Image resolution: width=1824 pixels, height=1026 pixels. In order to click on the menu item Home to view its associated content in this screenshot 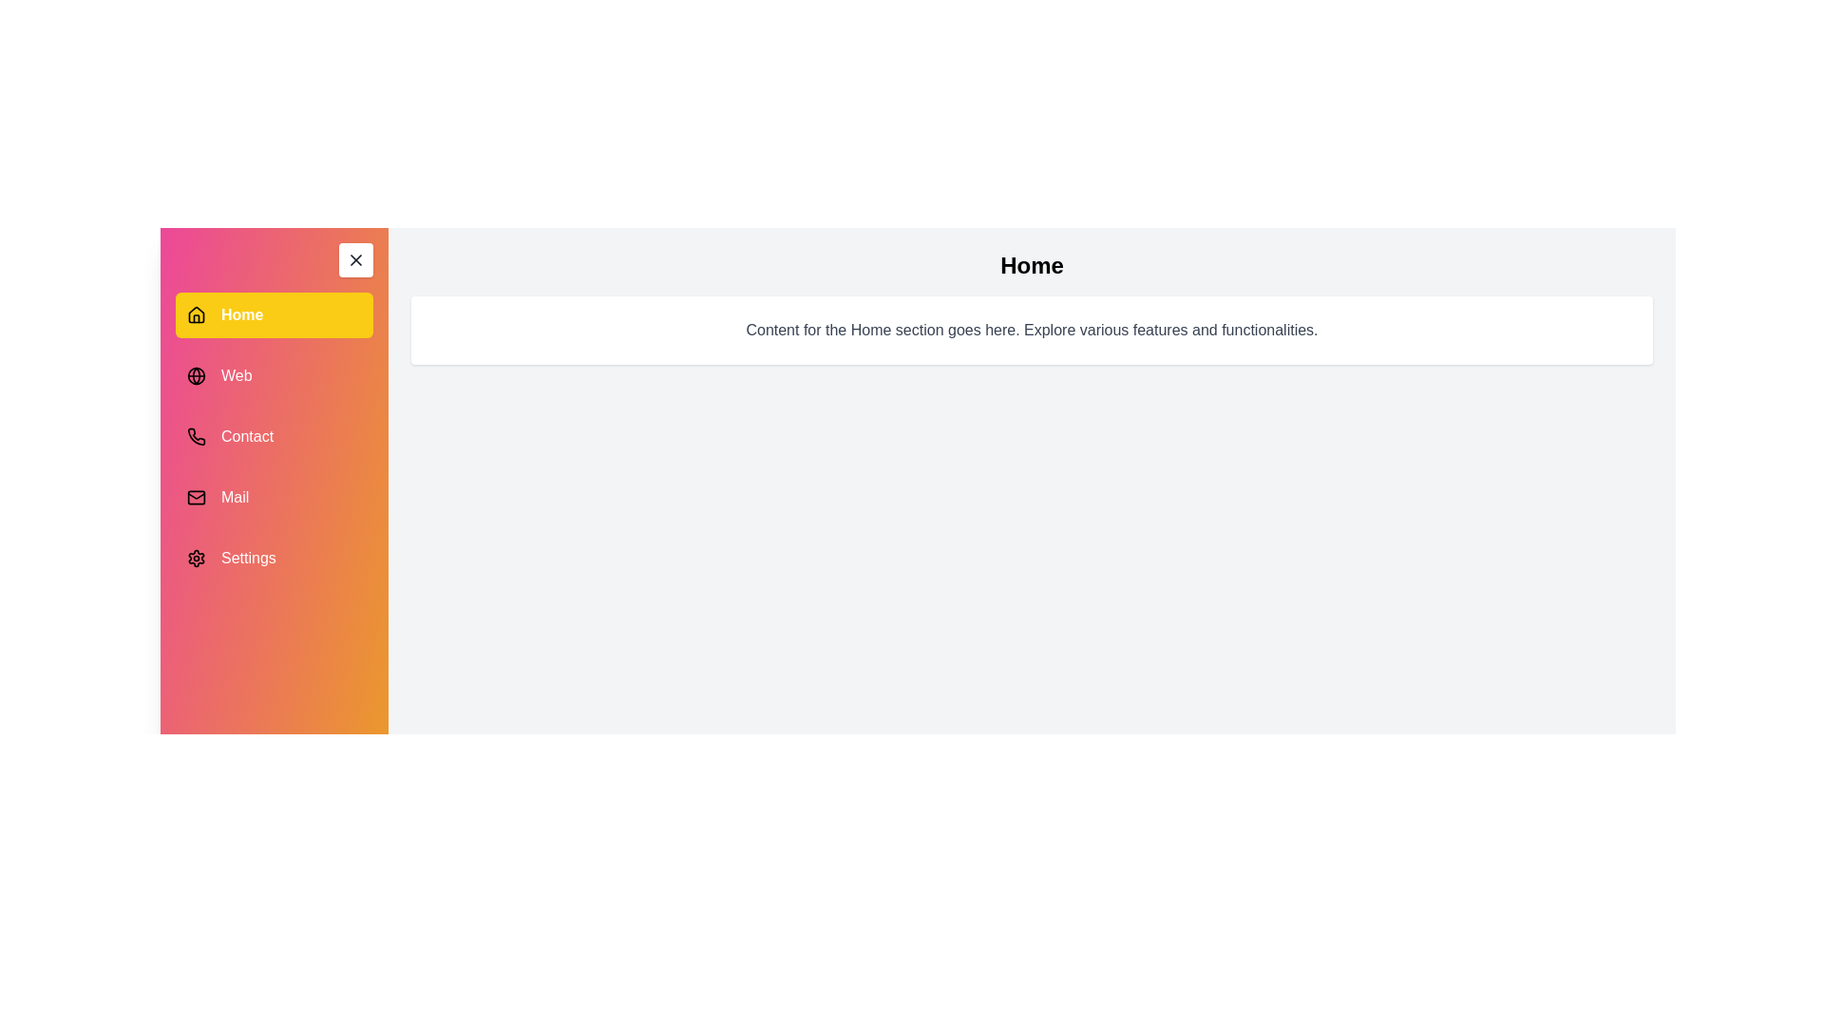, I will do `click(273, 313)`.